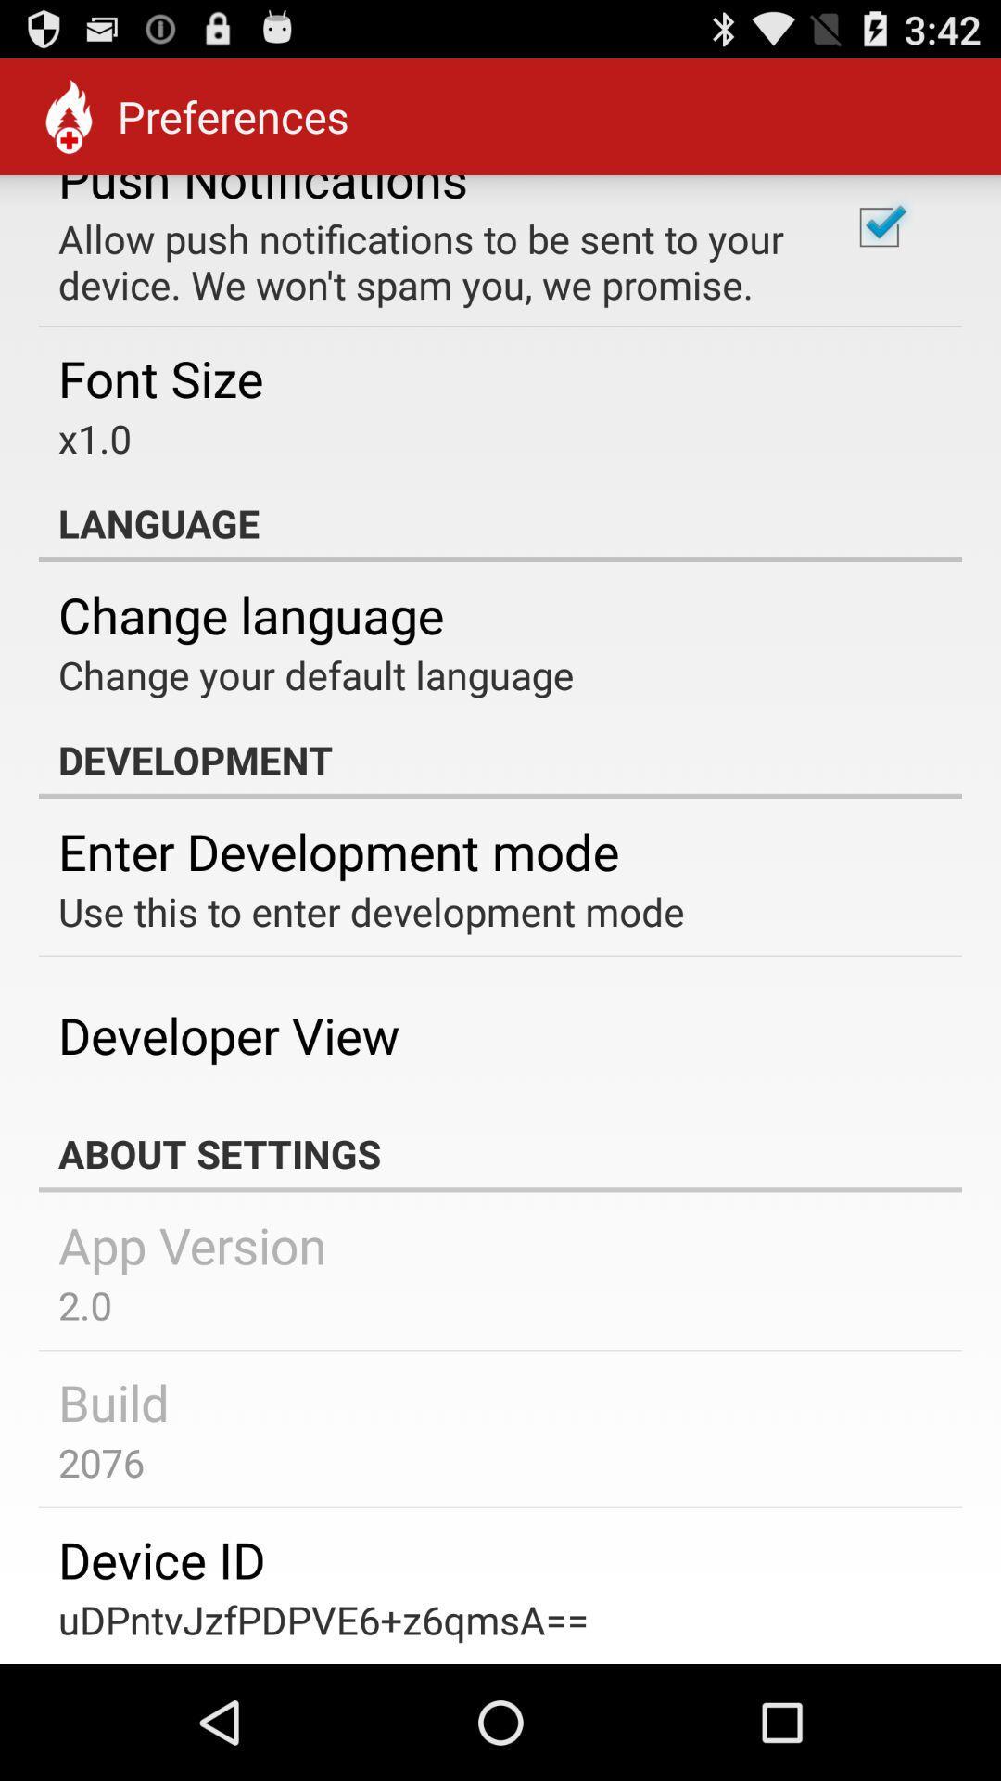 The width and height of the screenshot is (1001, 1781). Describe the element at coordinates (160, 1558) in the screenshot. I see `device id icon` at that location.